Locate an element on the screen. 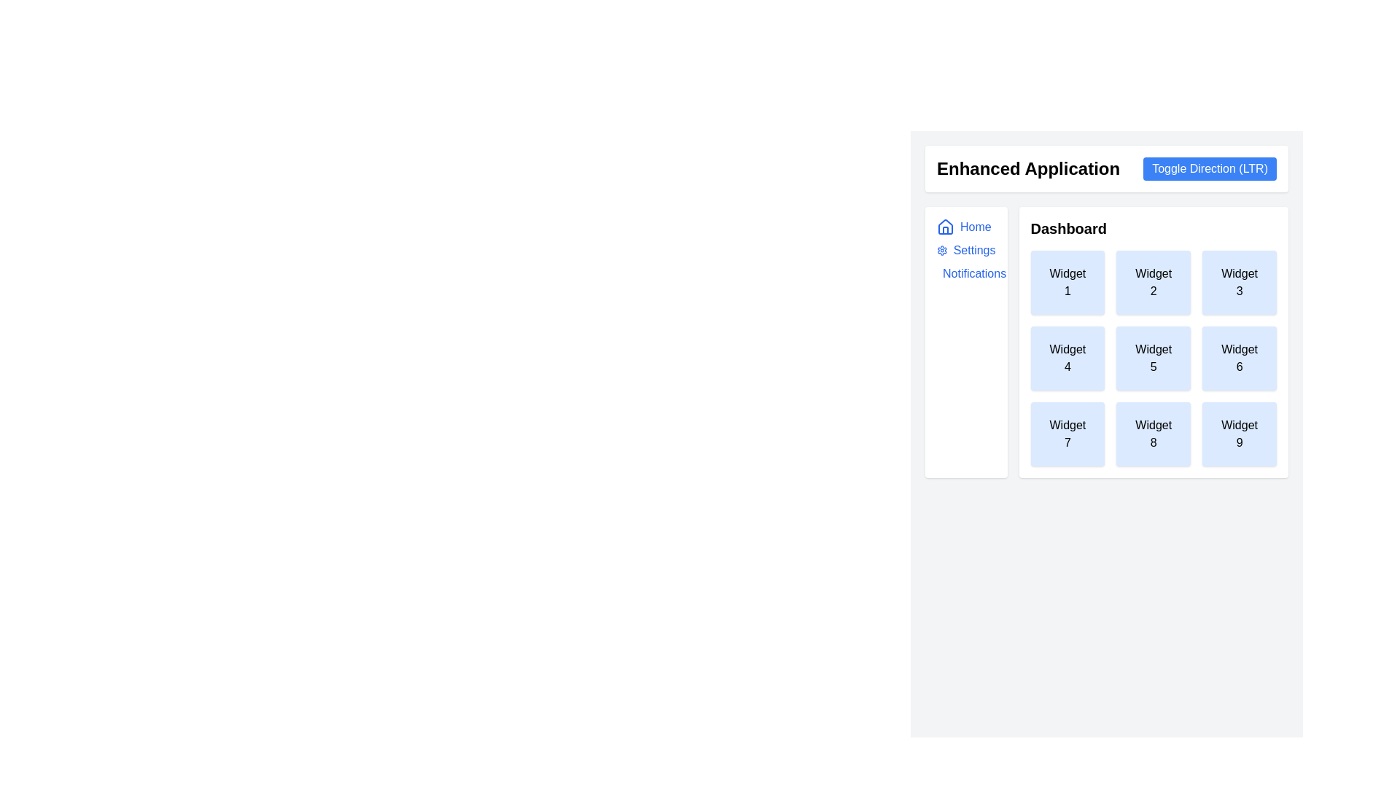 This screenshot has width=1400, height=787. the button labeled 'Widget 7' which has a light blue background and rounded corners is located at coordinates (1067, 434).